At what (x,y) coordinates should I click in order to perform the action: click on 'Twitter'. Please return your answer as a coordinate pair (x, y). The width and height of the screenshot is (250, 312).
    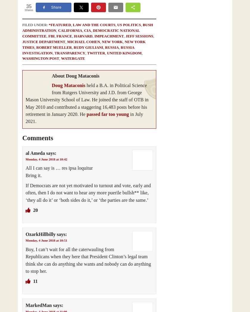
    Looking at the image, I should click on (96, 53).